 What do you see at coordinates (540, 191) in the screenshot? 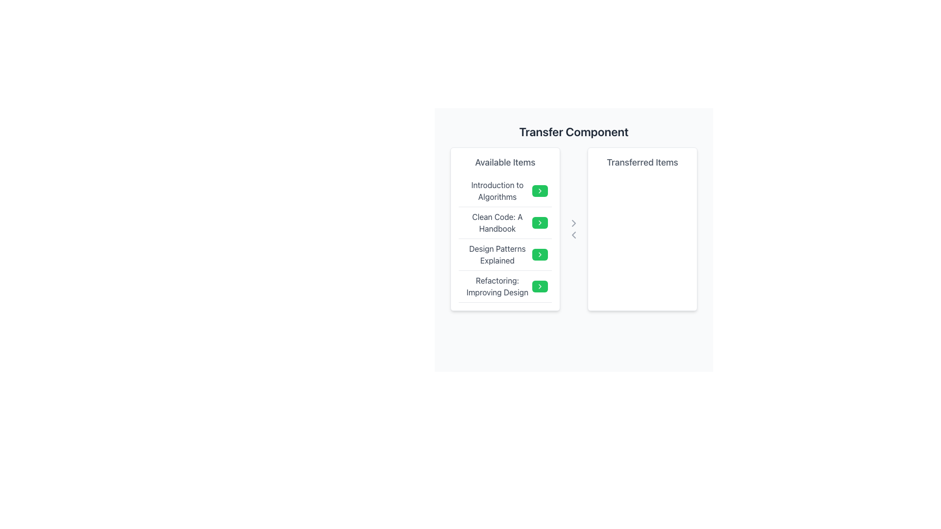
I see `the button icon located to the right of the 'Introduction to Algorithms' text block in the 'Available Items' section for accessibility purposes` at bounding box center [540, 191].